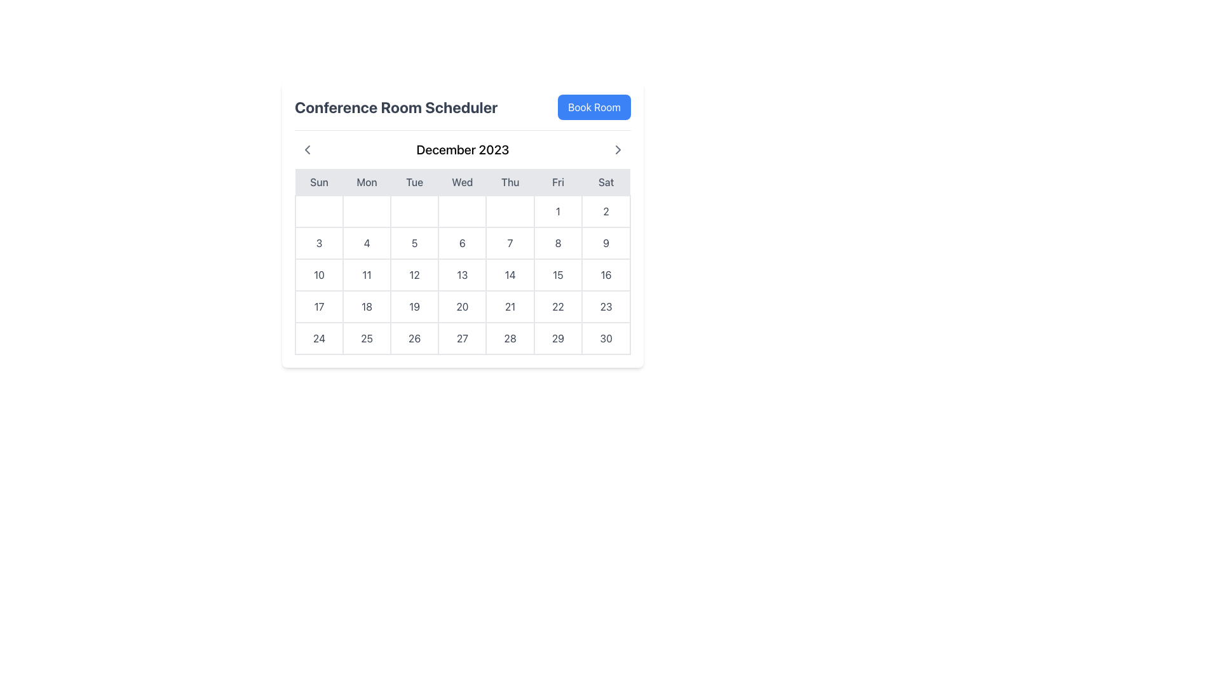 Image resolution: width=1220 pixels, height=686 pixels. What do you see at coordinates (462, 182) in the screenshot?
I see `the static header row containing the abbreviated names of the days of the week (Sun, Mon, Tue, Wed, Thu, Fri, Sat) in the calendar component for December 2023` at bounding box center [462, 182].